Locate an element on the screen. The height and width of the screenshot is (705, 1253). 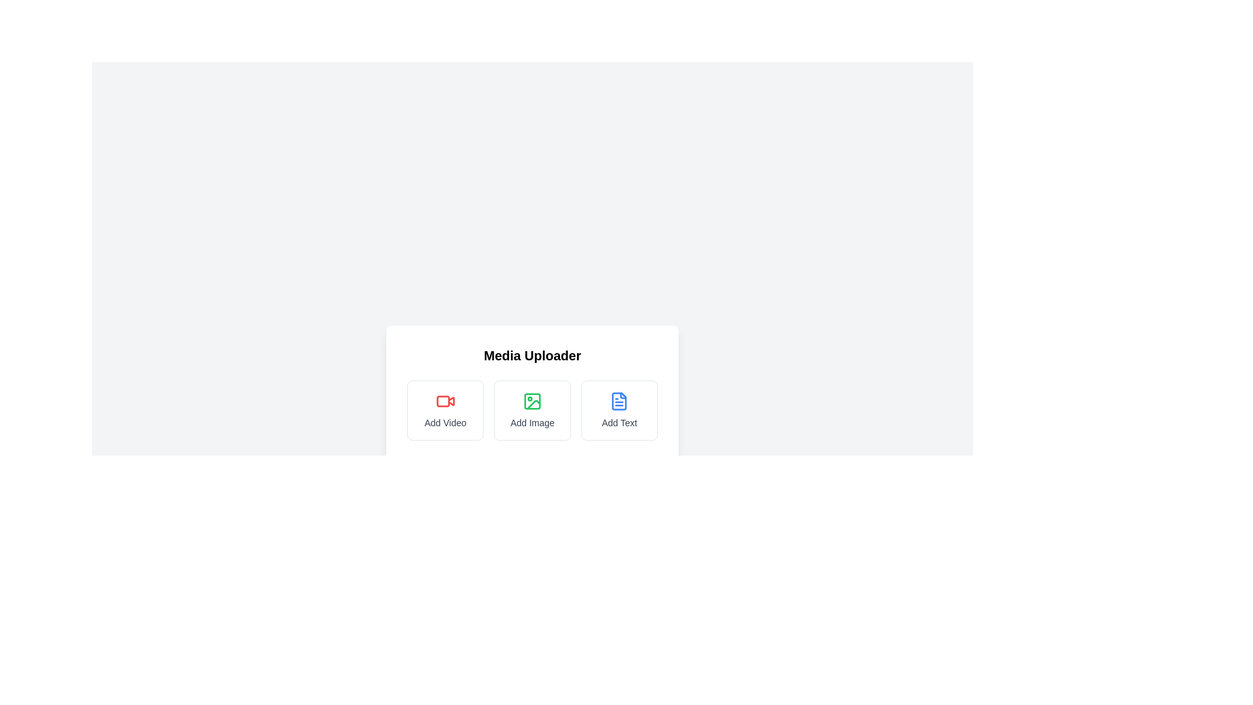
the decorative video icon located within the 'Add Video' button, which is the leftmost button in a horizontal layout beneath the 'Media Uploader' heading is located at coordinates (451, 400).